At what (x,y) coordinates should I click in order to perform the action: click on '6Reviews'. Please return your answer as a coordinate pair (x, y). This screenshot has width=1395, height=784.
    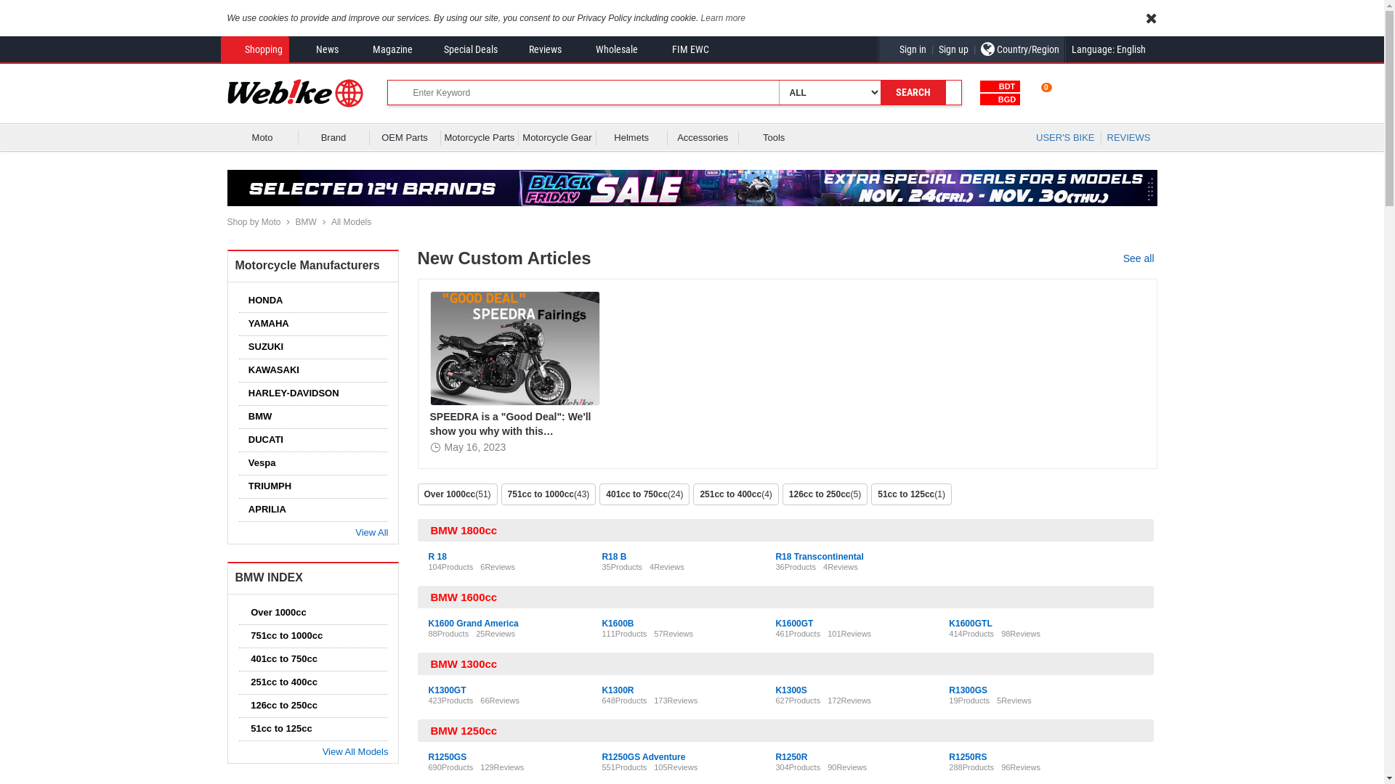
    Looking at the image, I should click on (498, 565).